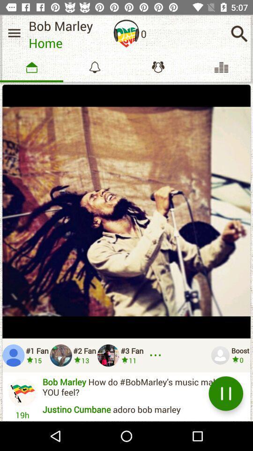 The height and width of the screenshot is (451, 253). Describe the element at coordinates (239, 33) in the screenshot. I see `icon next to the 0` at that location.